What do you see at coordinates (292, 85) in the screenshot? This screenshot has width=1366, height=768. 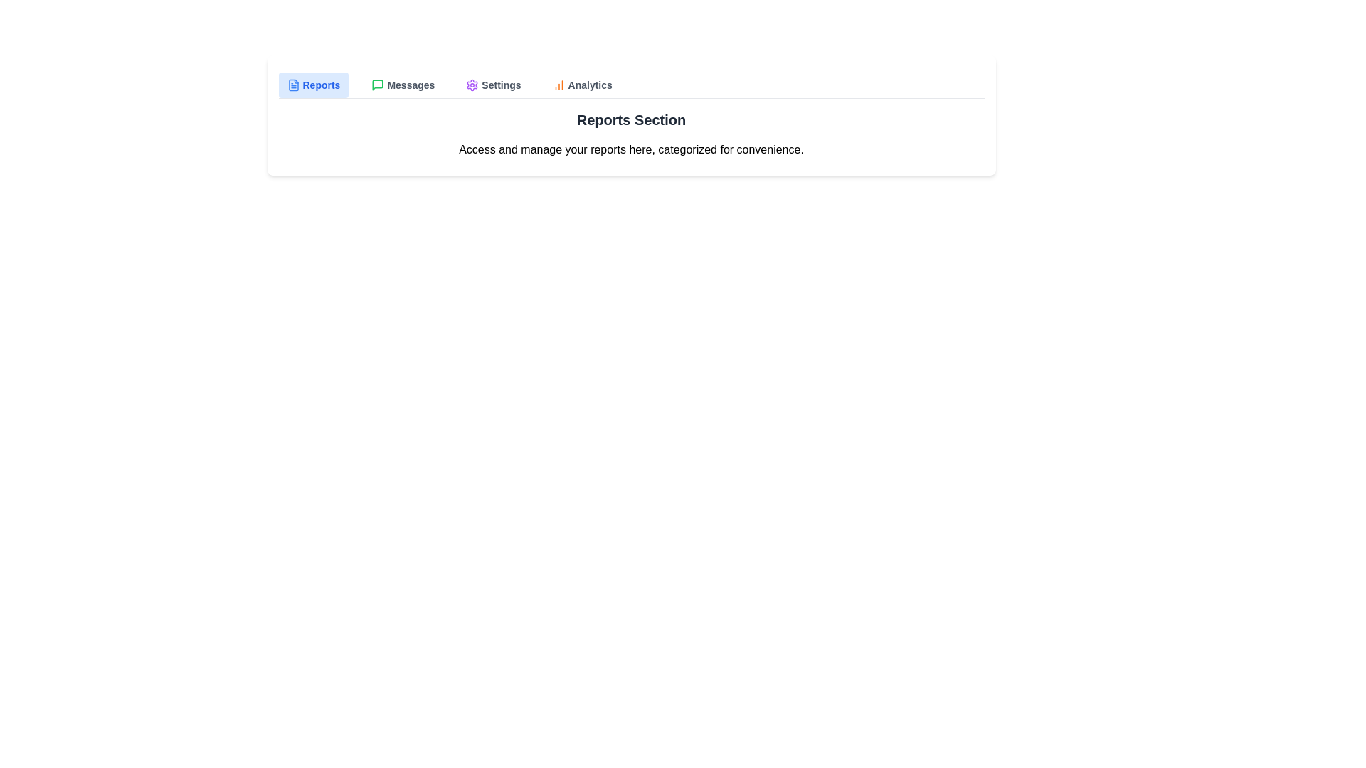 I see `the icon indicating document-related functionalities associated with the 'Reports' option, which is positioned to the left of the text 'Reports' in the navigation bar` at bounding box center [292, 85].